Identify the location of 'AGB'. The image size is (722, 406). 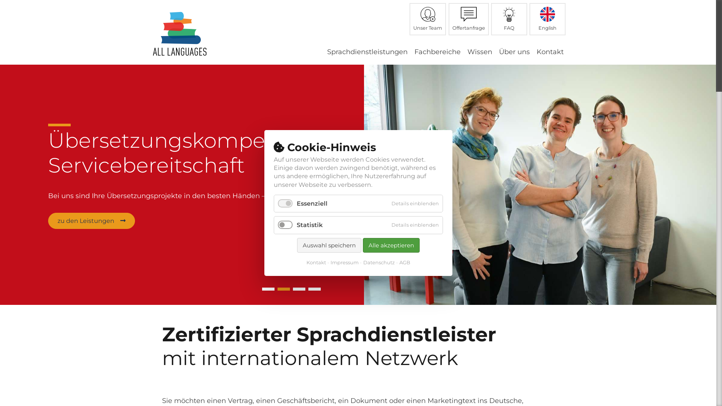
(403, 262).